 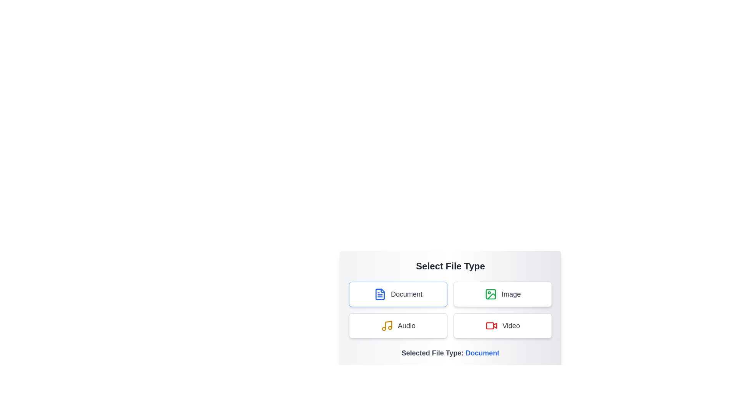 What do you see at coordinates (503, 326) in the screenshot?
I see `the 'Video' button, which is the fourth button in the grid layout of file type options` at bounding box center [503, 326].